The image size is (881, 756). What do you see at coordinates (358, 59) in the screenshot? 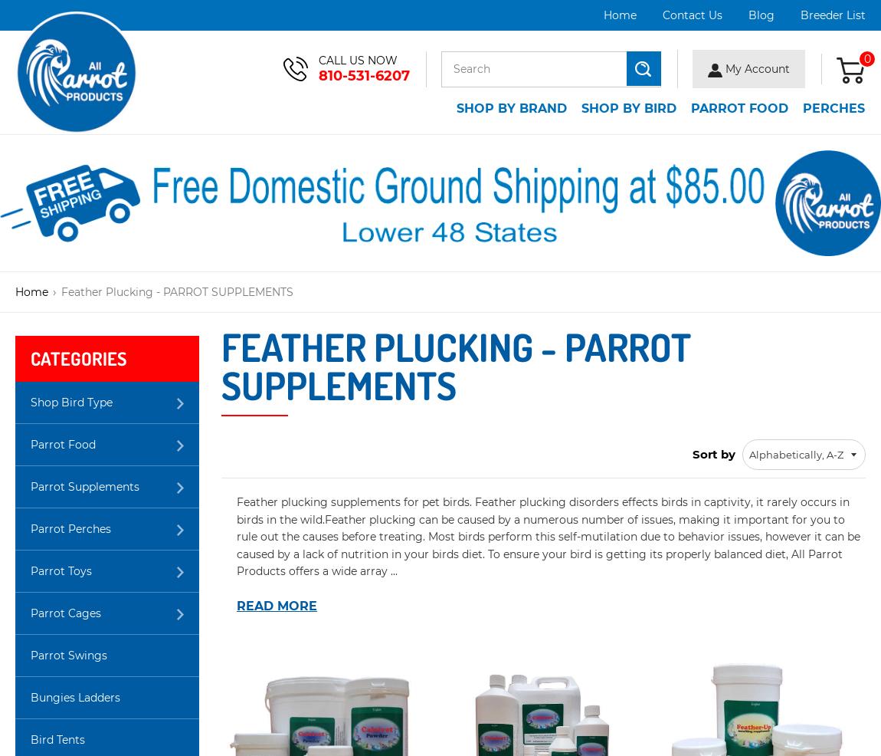
I see `'CALL US NOW'` at bounding box center [358, 59].